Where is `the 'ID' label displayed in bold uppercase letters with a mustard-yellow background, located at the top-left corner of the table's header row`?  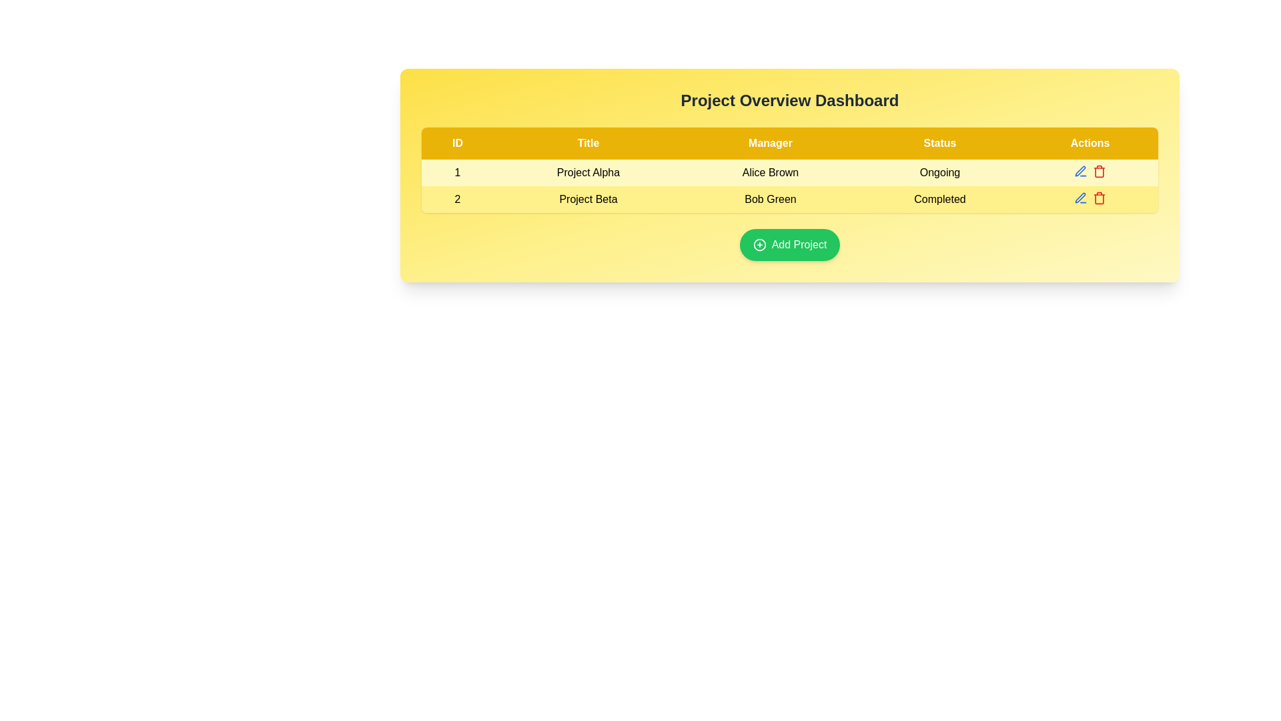 the 'ID' label displayed in bold uppercase letters with a mustard-yellow background, located at the top-left corner of the table's header row is located at coordinates (458, 144).